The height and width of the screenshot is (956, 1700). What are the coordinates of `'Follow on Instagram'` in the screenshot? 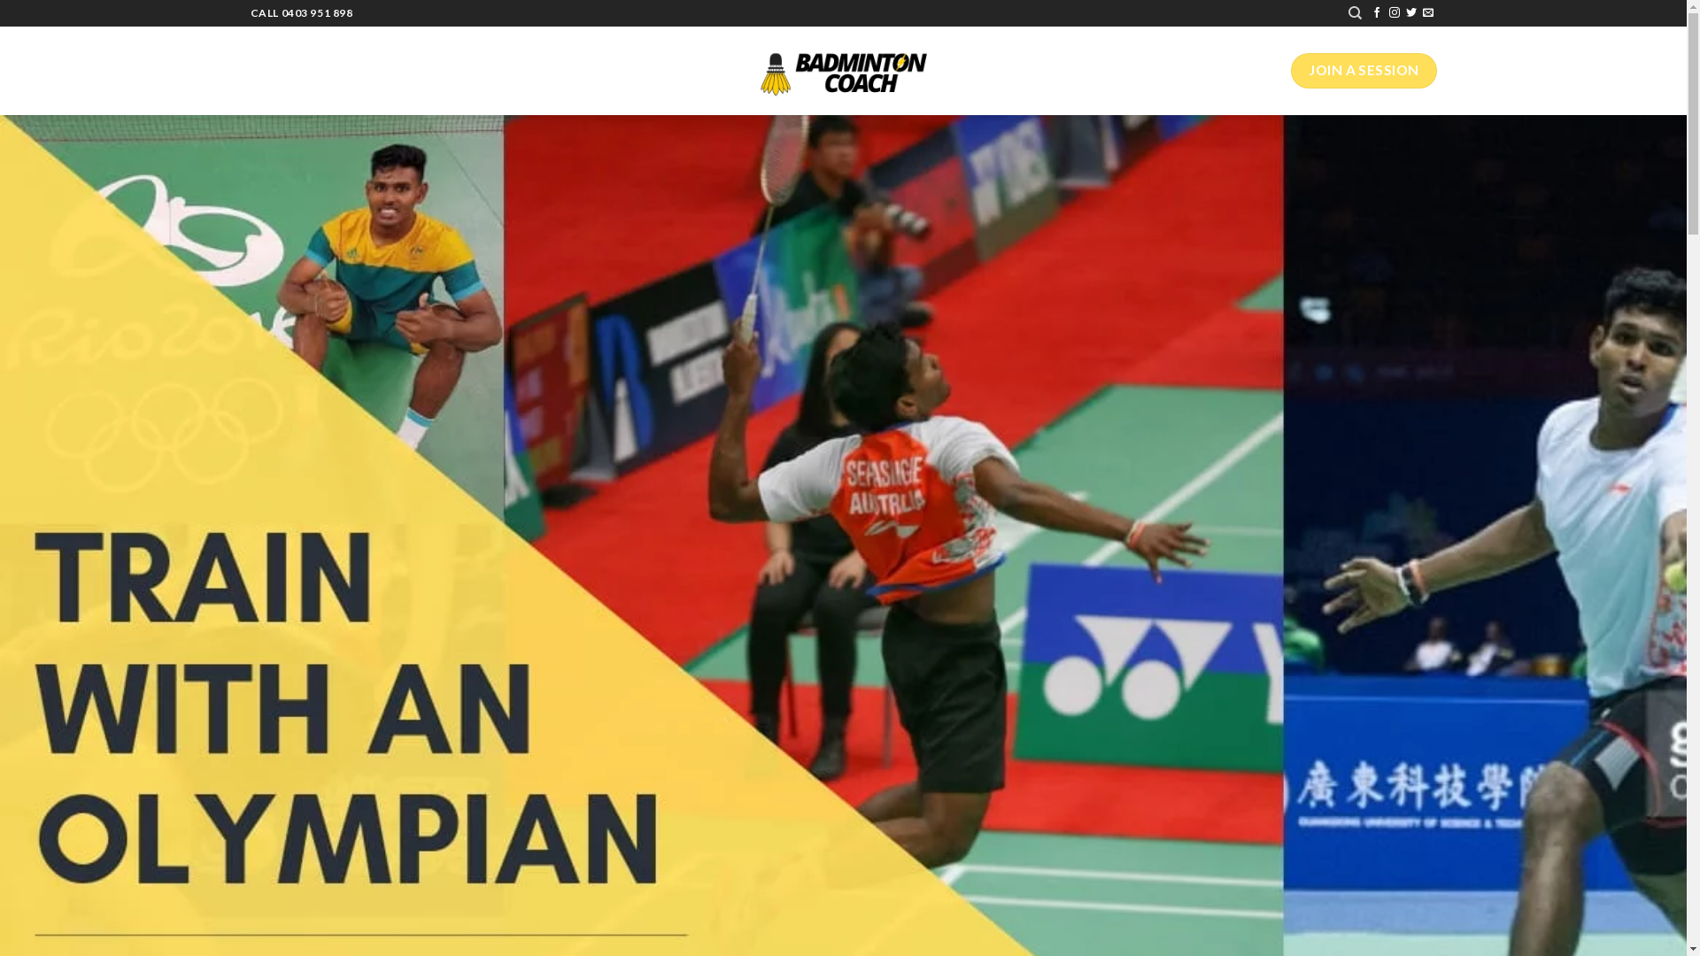 It's located at (1388, 13).